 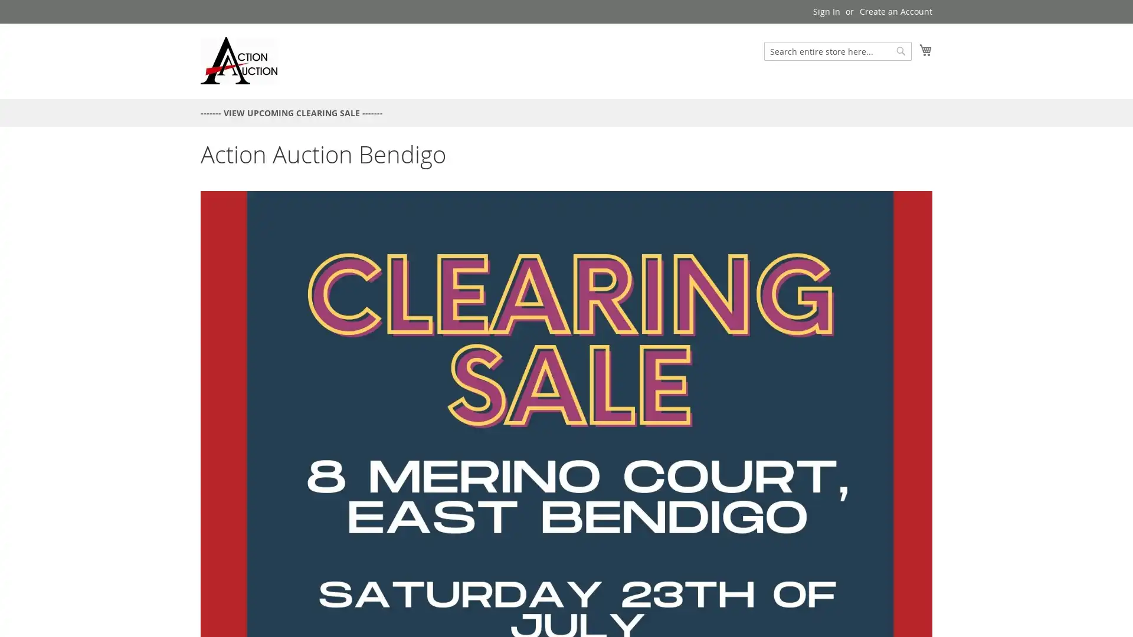 I want to click on Search, so click(x=900, y=51).